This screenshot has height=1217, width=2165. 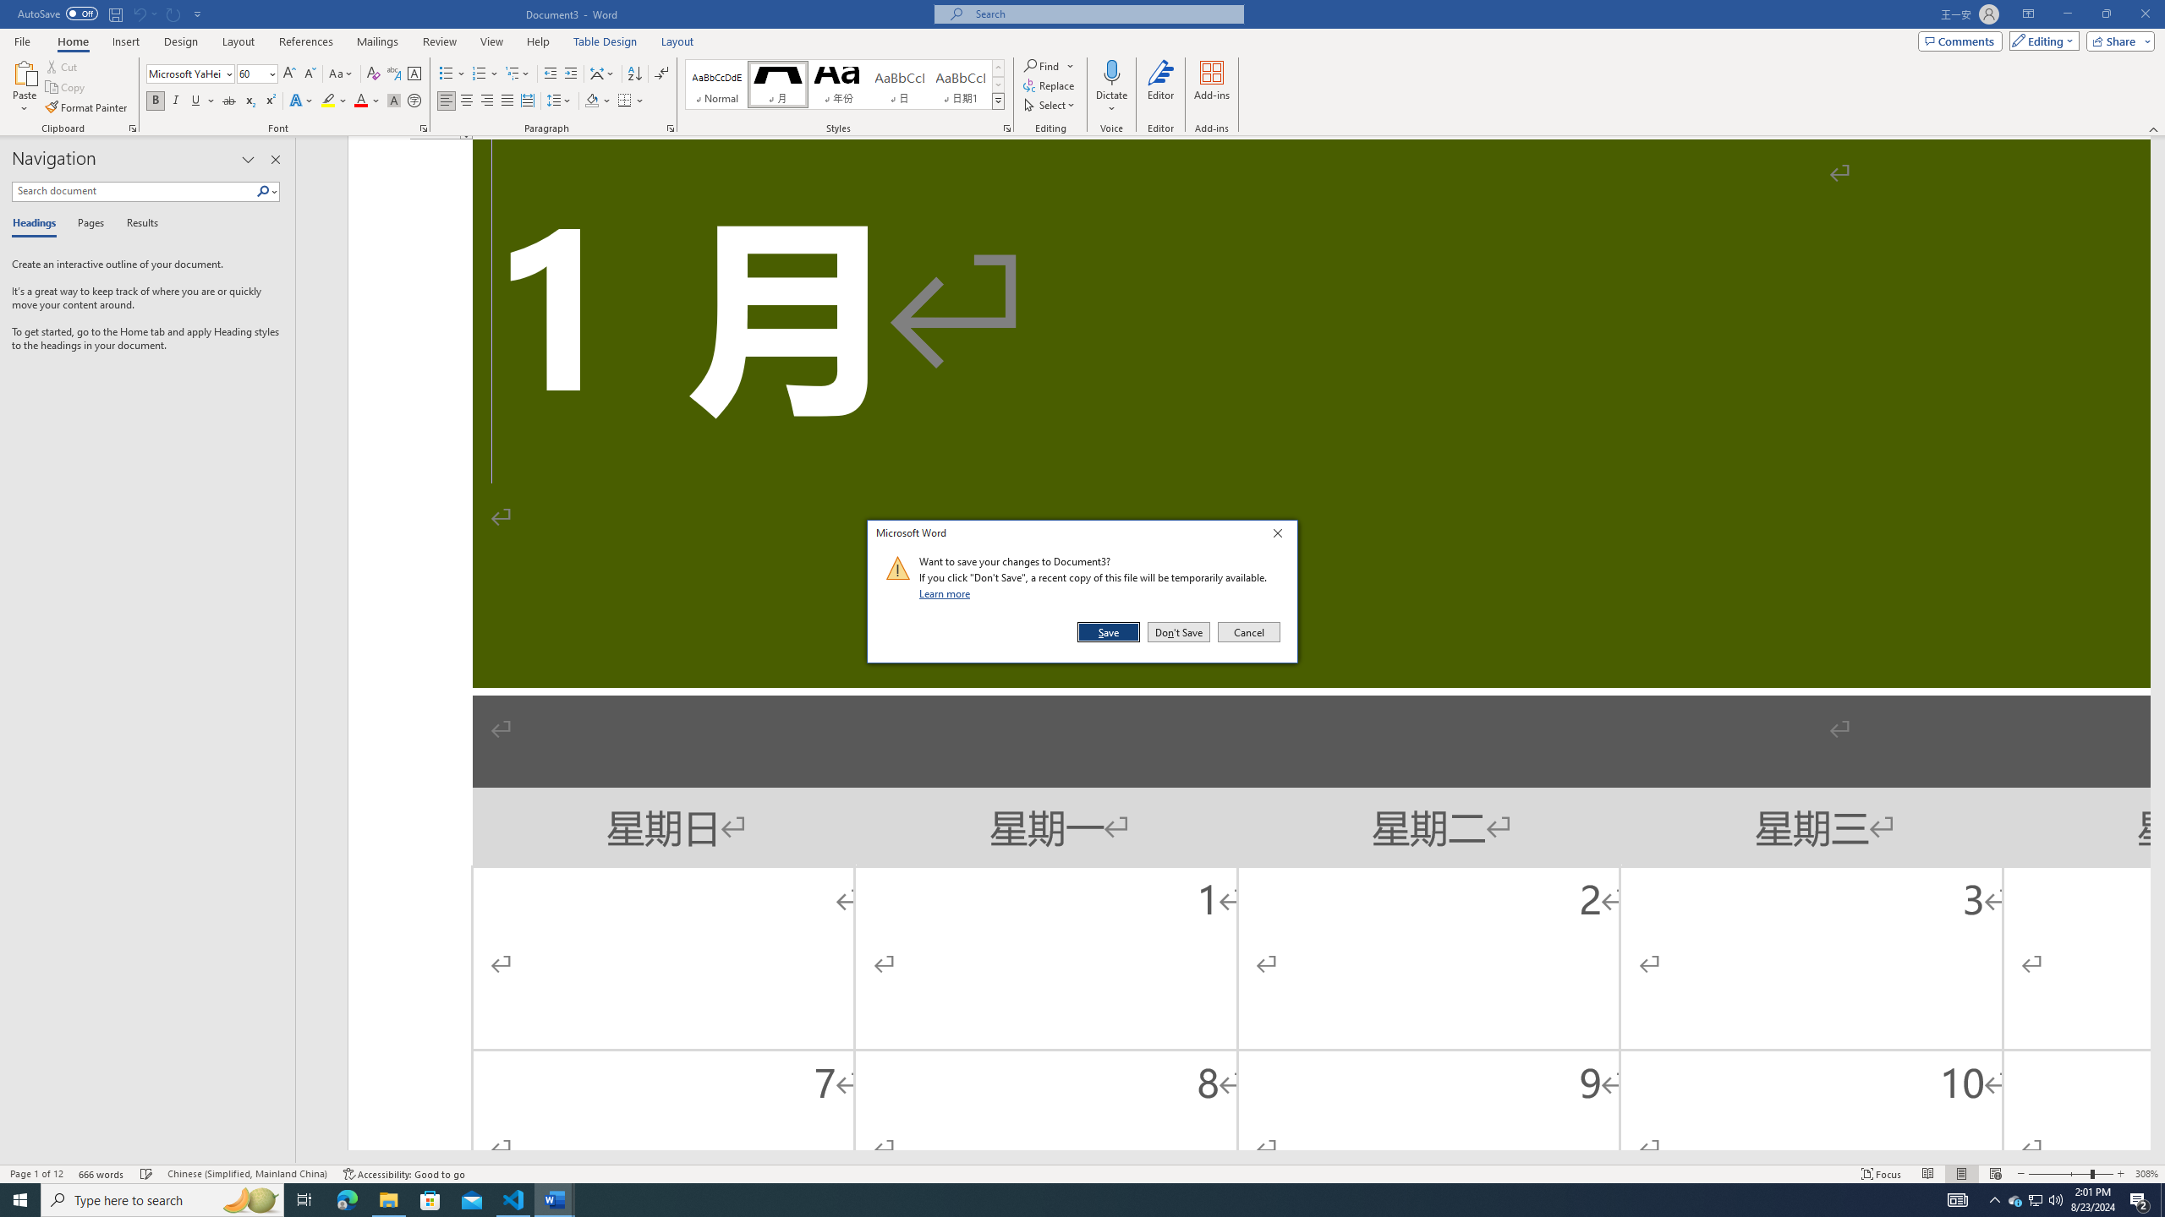 What do you see at coordinates (1041, 65) in the screenshot?
I see `'Find'` at bounding box center [1041, 65].